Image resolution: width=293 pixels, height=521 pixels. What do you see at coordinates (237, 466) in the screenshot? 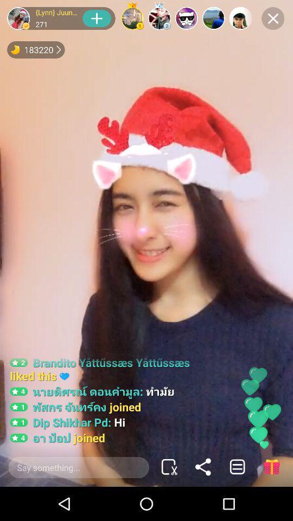
I see `the menu icon` at bounding box center [237, 466].